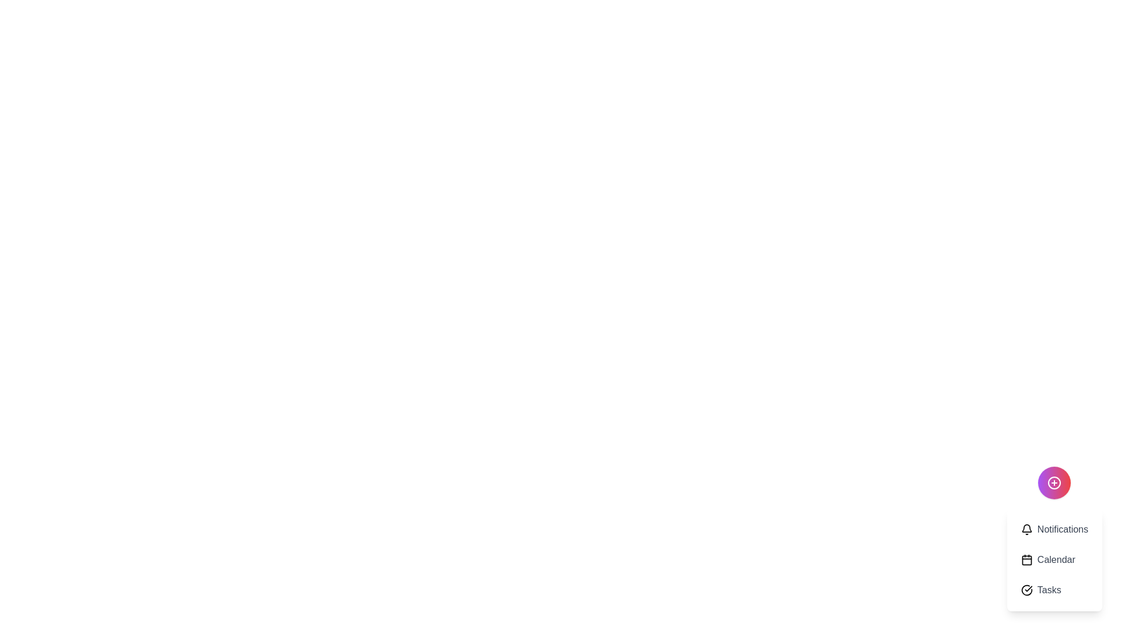 The width and height of the screenshot is (1121, 630). Describe the element at coordinates (1054, 559) in the screenshot. I see `the 'Calendar' menu item` at that location.